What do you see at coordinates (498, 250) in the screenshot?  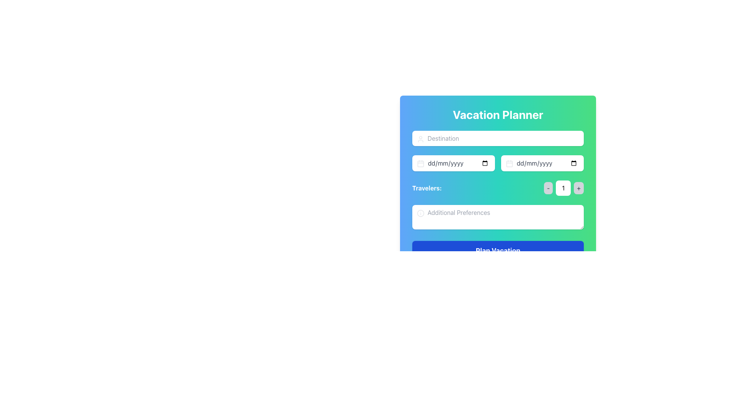 I see `the 'Plan Vacation' button located at the bottom of the form-like interface, beneath the 'Additional Preferences' input field` at bounding box center [498, 250].